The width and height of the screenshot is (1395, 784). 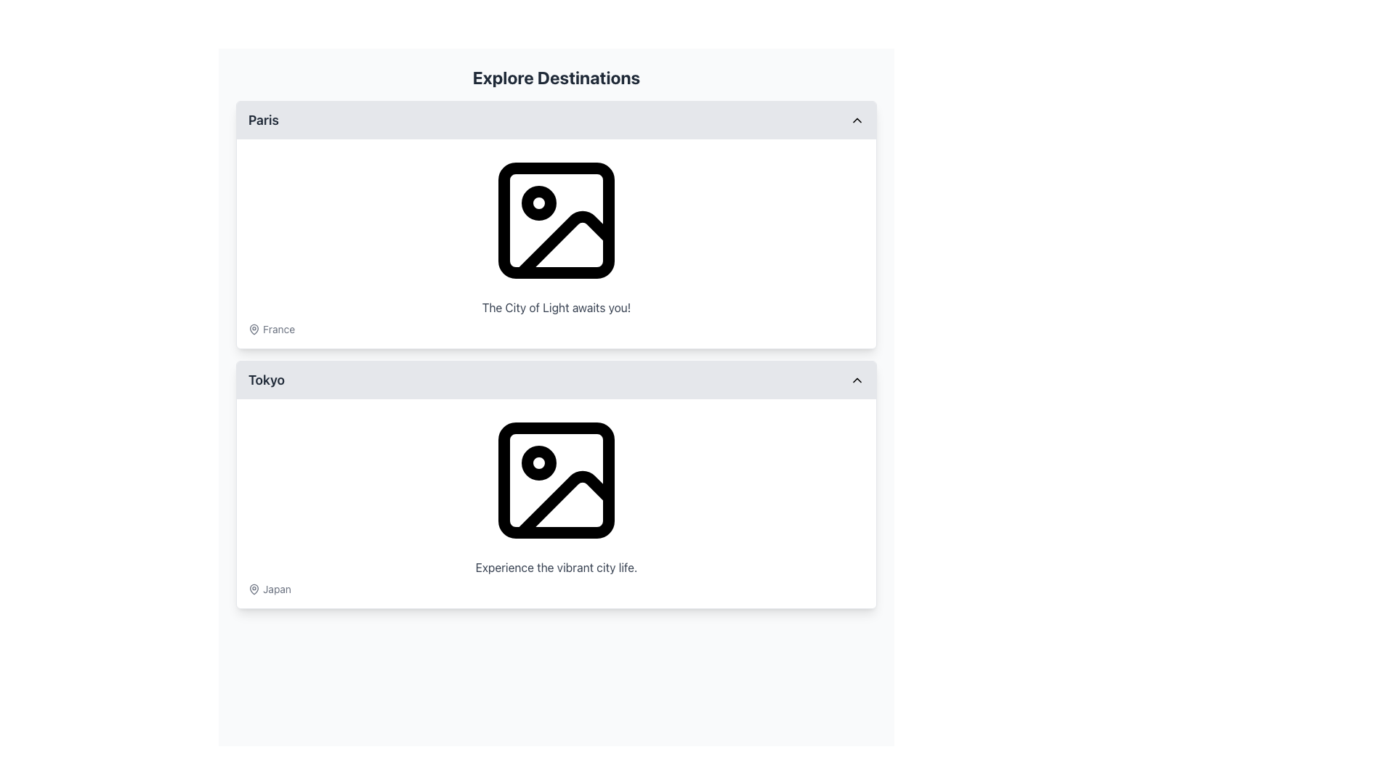 What do you see at coordinates (556, 307) in the screenshot?
I see `descriptive text associated with the 'Paris' section, located immediately above the text 'France' and below an image placeholder` at bounding box center [556, 307].